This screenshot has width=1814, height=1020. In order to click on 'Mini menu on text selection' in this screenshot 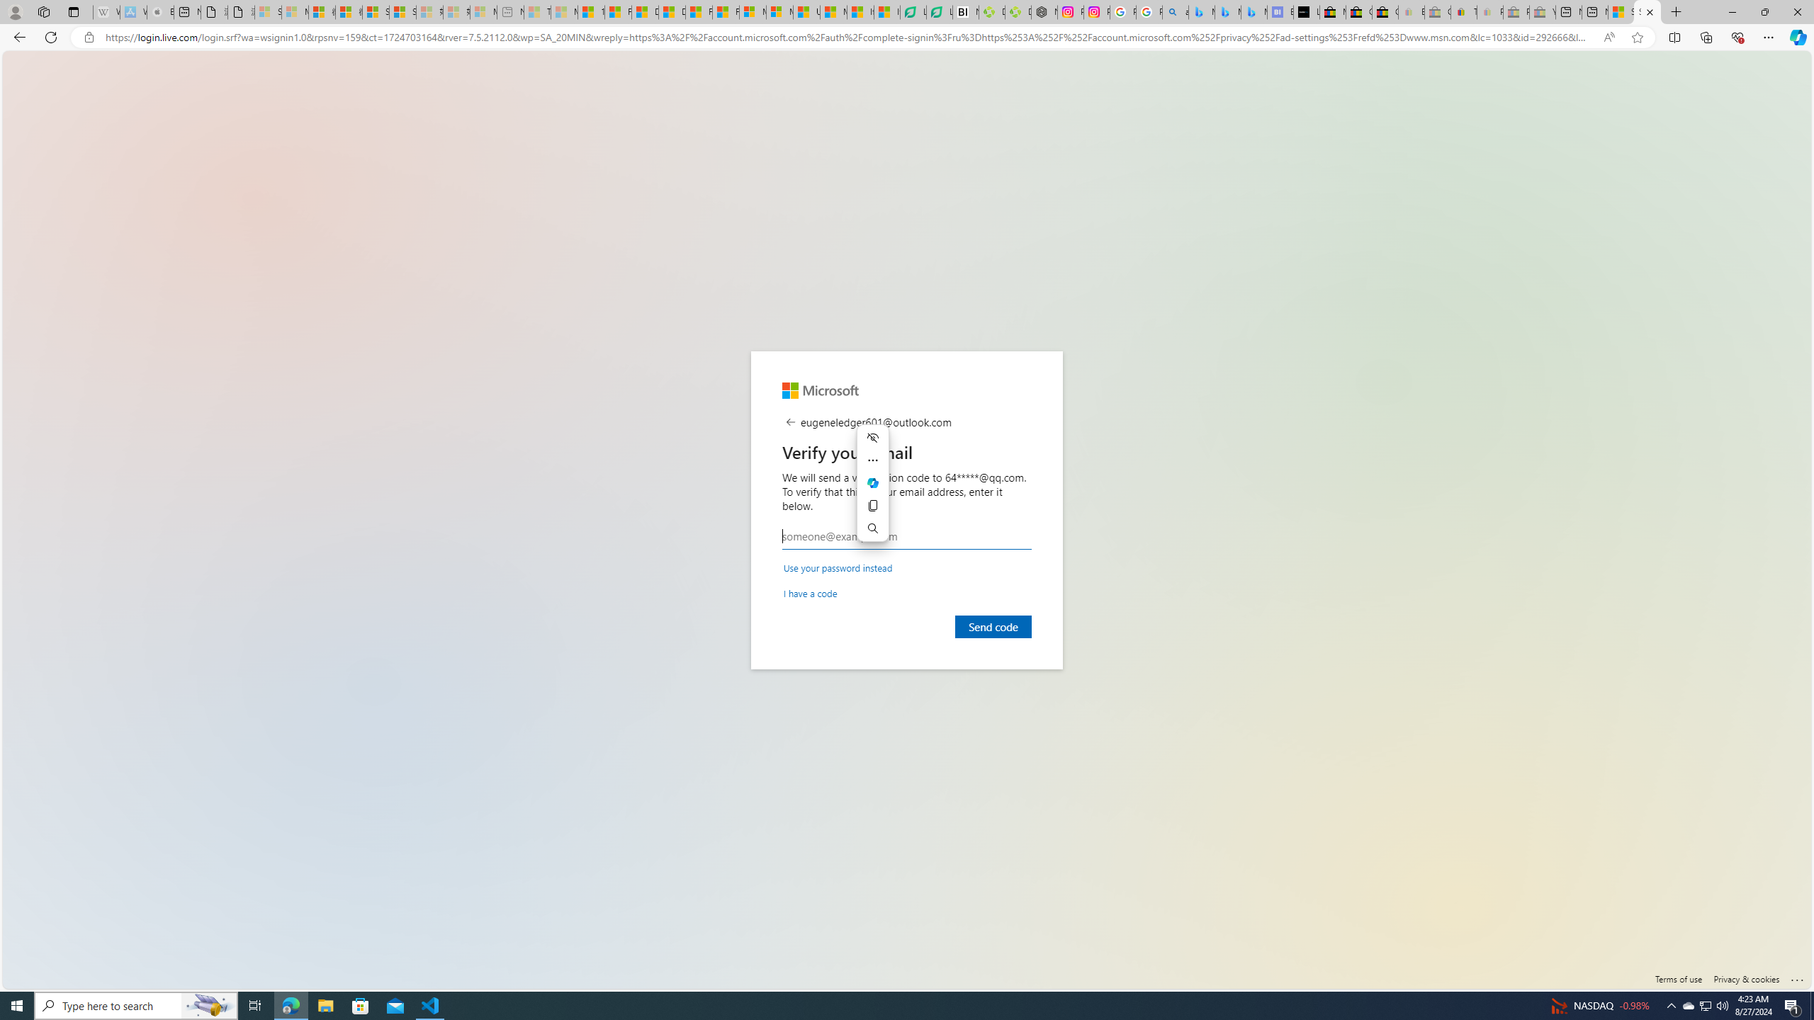, I will do `click(872, 491)`.